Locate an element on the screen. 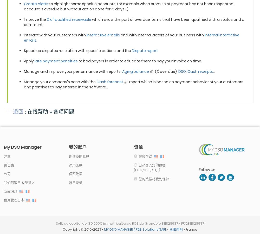  'and with internal actors of your business with' is located at coordinates (162, 35).